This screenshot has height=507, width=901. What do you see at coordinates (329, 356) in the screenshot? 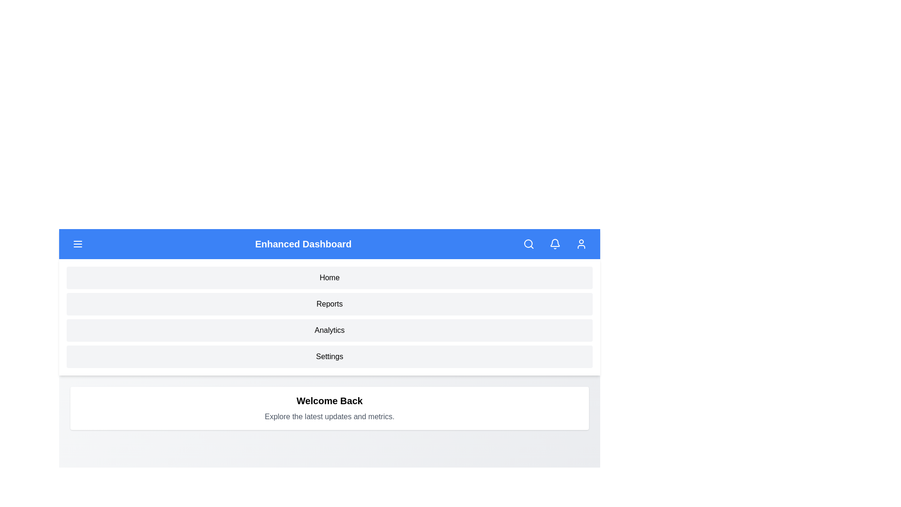
I see `the menu item Settings to navigate to its section` at bounding box center [329, 356].